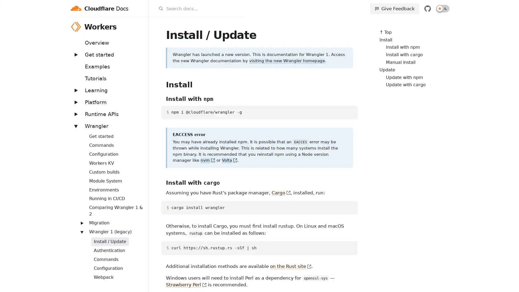 Image resolution: width=519 pixels, height=292 pixels. I want to click on Expand: Bindings, so click(79, 121).